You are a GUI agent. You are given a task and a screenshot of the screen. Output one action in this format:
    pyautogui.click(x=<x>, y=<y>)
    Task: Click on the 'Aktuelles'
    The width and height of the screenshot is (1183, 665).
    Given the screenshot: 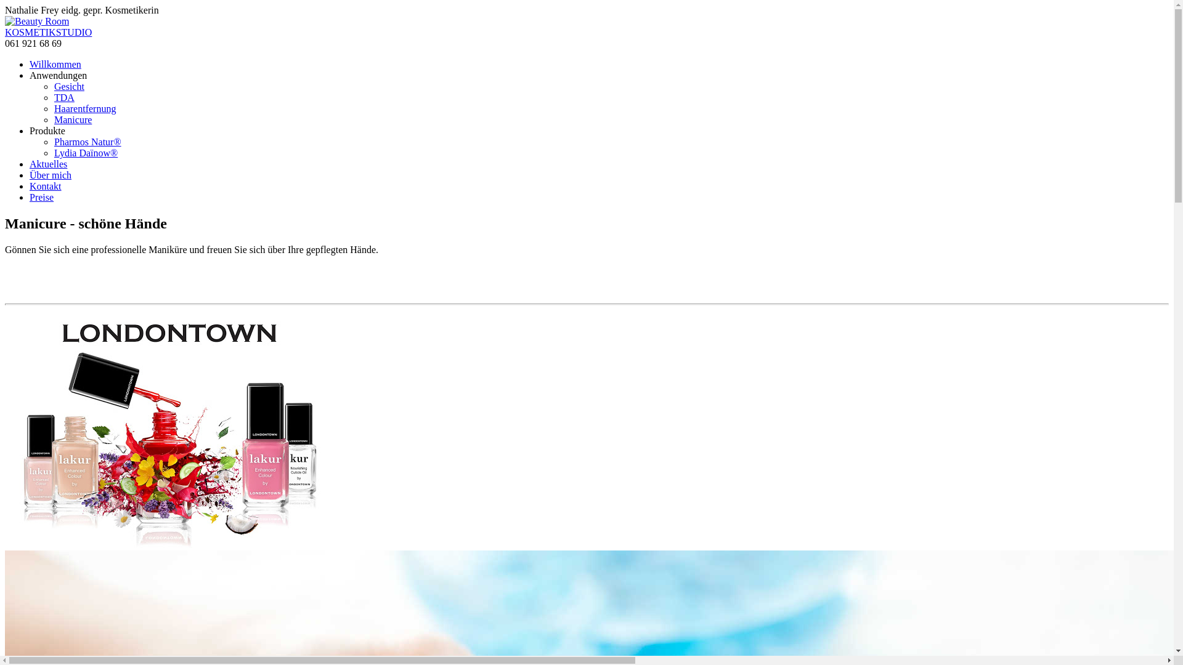 What is the action you would take?
    pyautogui.click(x=30, y=163)
    